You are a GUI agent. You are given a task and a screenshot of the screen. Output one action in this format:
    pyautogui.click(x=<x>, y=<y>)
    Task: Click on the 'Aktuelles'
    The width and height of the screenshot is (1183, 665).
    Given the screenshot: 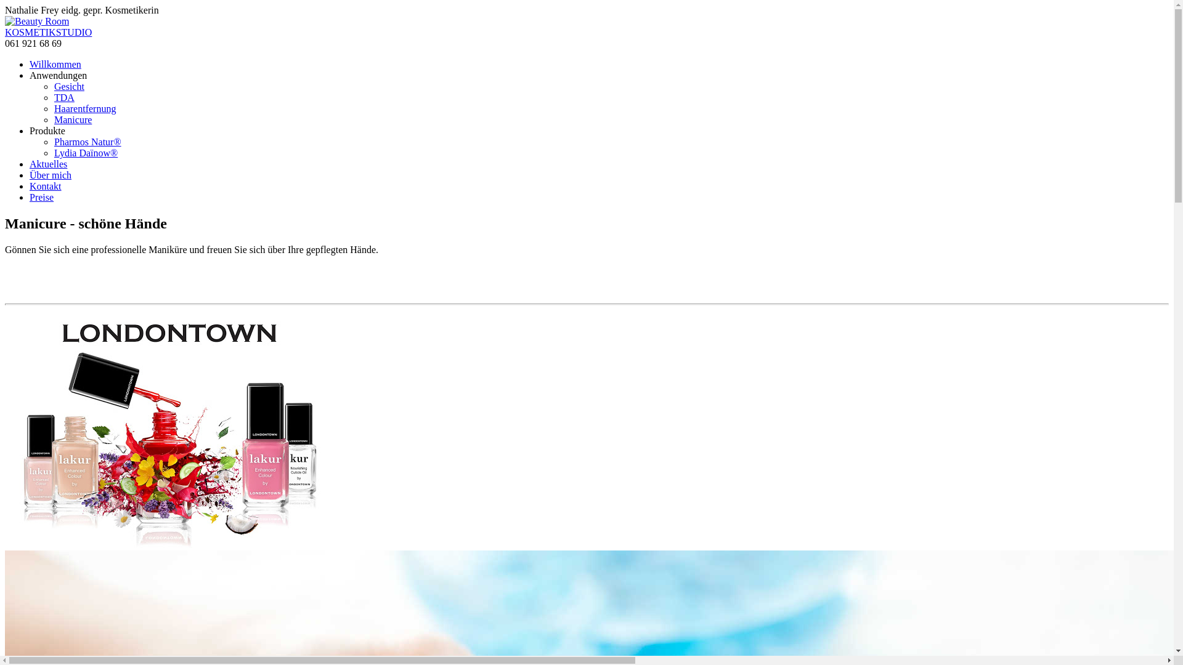 What is the action you would take?
    pyautogui.click(x=30, y=163)
    